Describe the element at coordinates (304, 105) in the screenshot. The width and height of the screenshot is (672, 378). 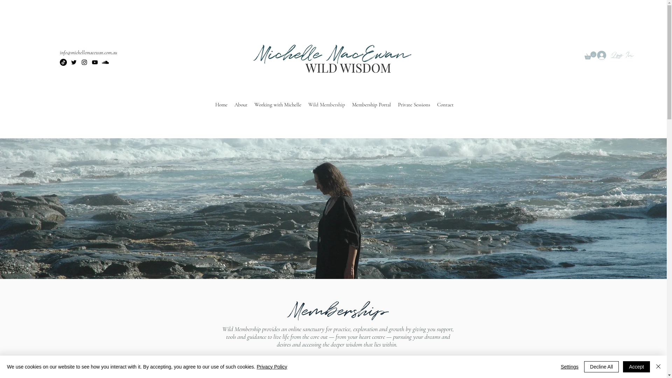
I see `'Wild Membership'` at that location.